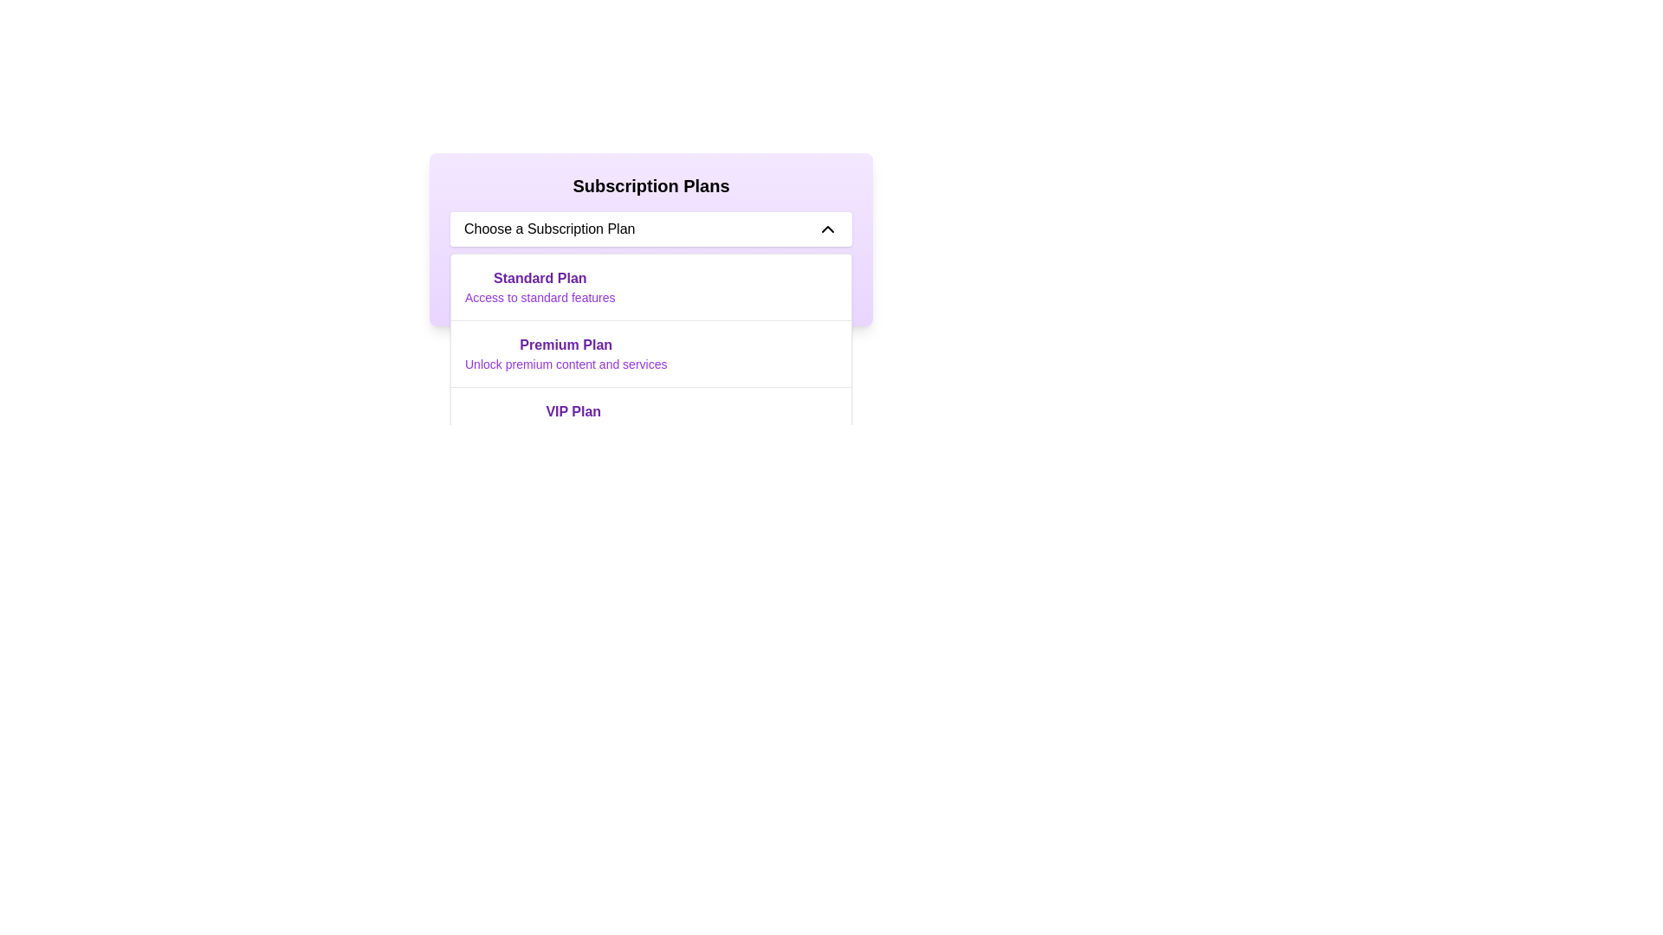  I want to click on the bold, purple-colored text label saying 'Standard Plan' which is located at the top of a card-like section, so click(539, 277).